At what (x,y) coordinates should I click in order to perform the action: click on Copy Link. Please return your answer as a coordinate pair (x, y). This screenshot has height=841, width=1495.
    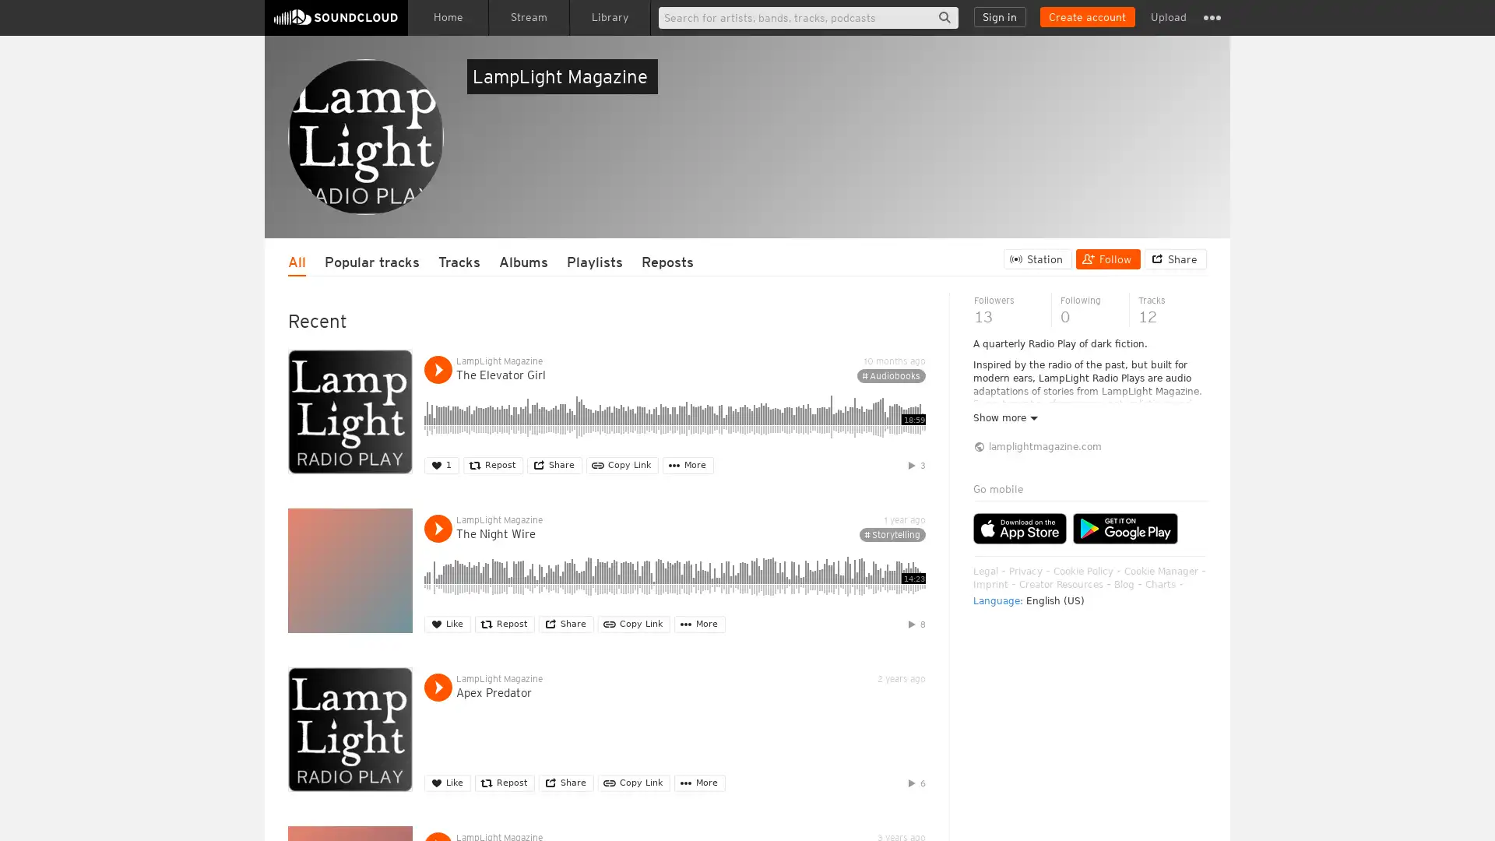
    Looking at the image, I should click on (621, 464).